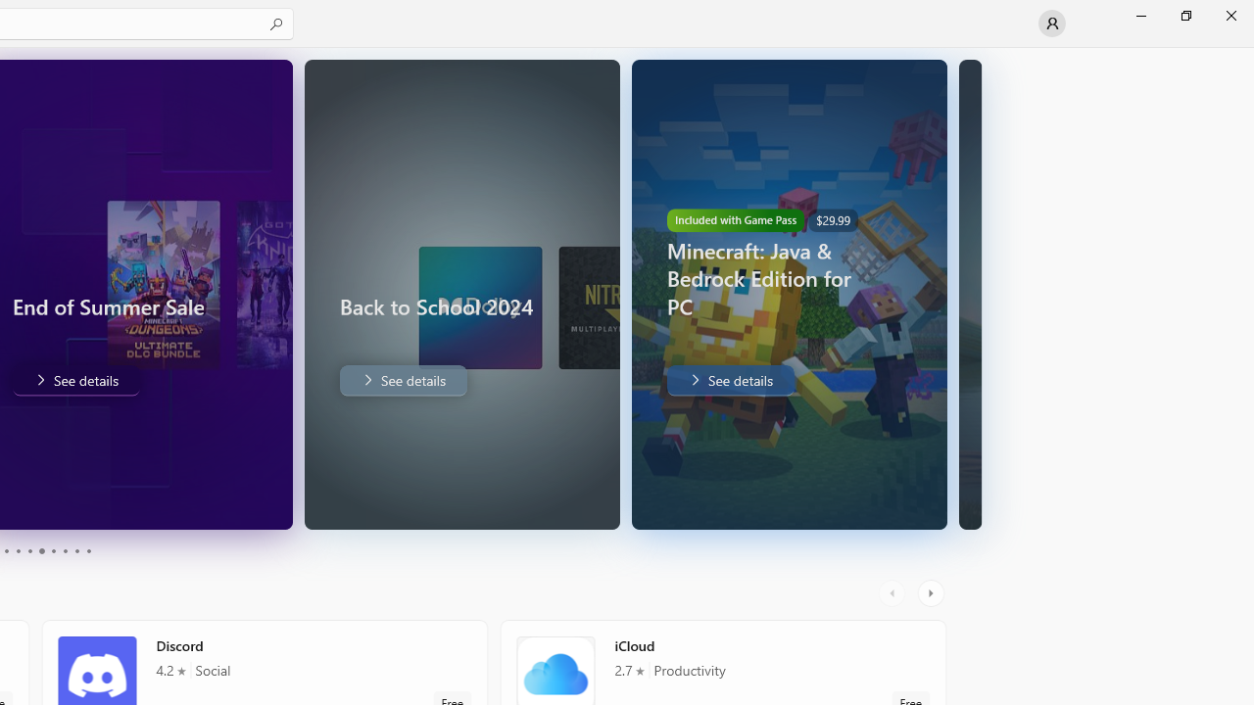 This screenshot has width=1254, height=705. What do you see at coordinates (1184, 15) in the screenshot?
I see `'Restore Microsoft Store'` at bounding box center [1184, 15].